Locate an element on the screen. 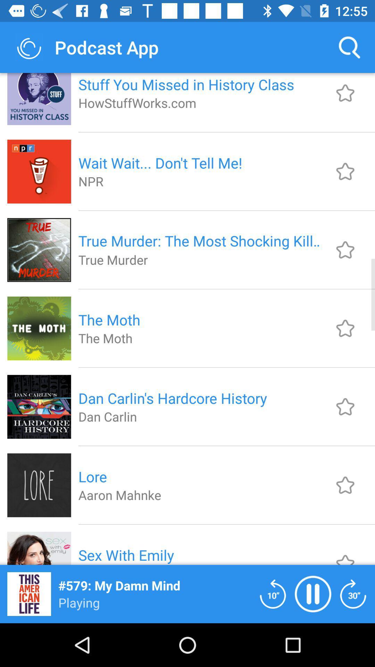 This screenshot has height=667, width=375. favourite option is located at coordinates (345, 406).